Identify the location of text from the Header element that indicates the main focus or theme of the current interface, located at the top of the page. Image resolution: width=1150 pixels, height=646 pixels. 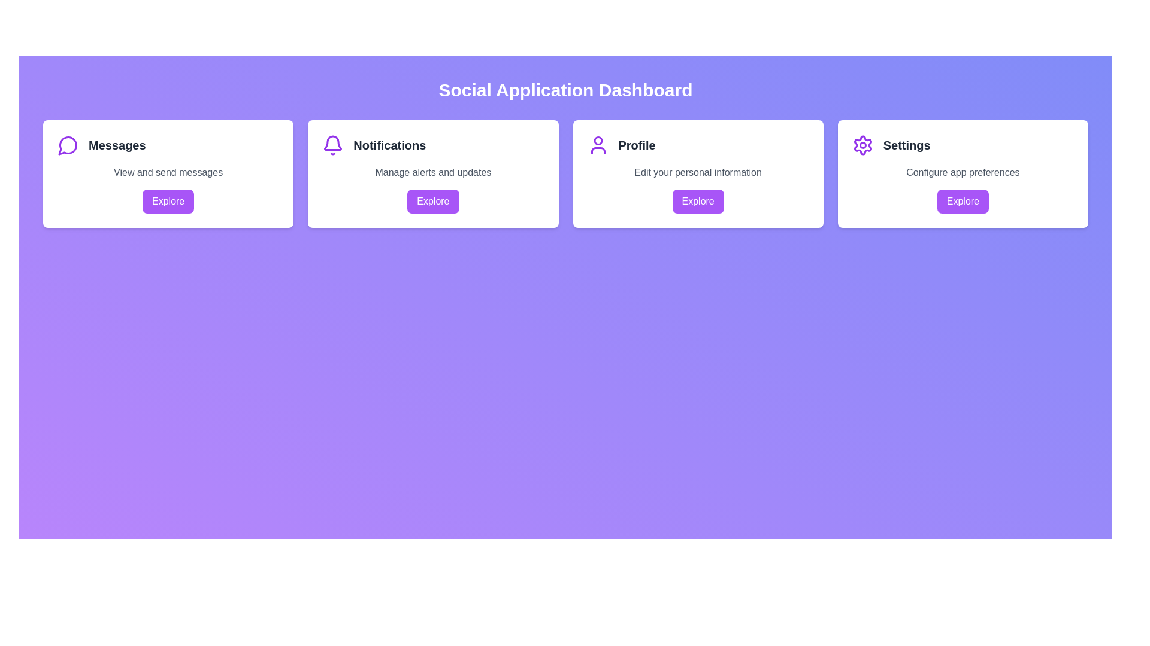
(565, 89).